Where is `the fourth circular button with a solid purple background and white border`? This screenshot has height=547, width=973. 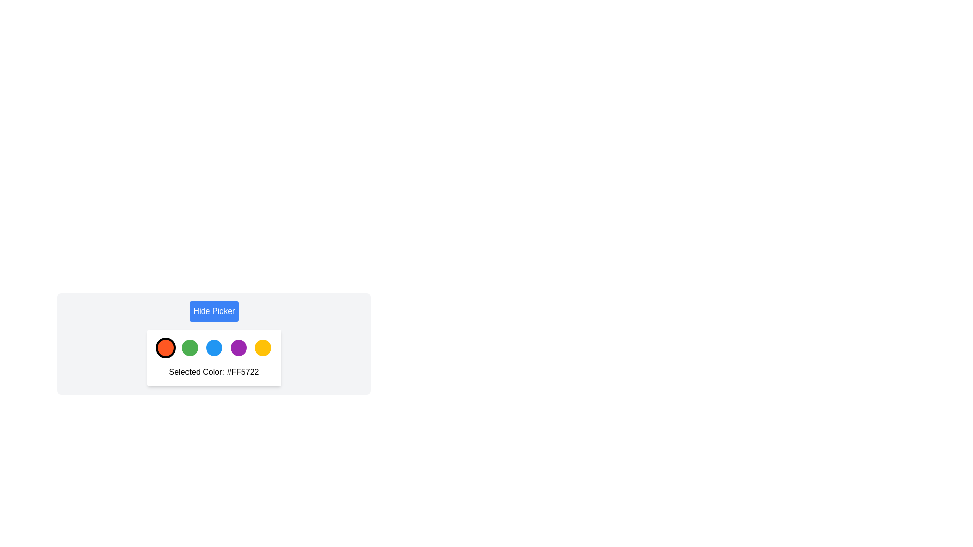 the fourth circular button with a solid purple background and white border is located at coordinates (238, 347).